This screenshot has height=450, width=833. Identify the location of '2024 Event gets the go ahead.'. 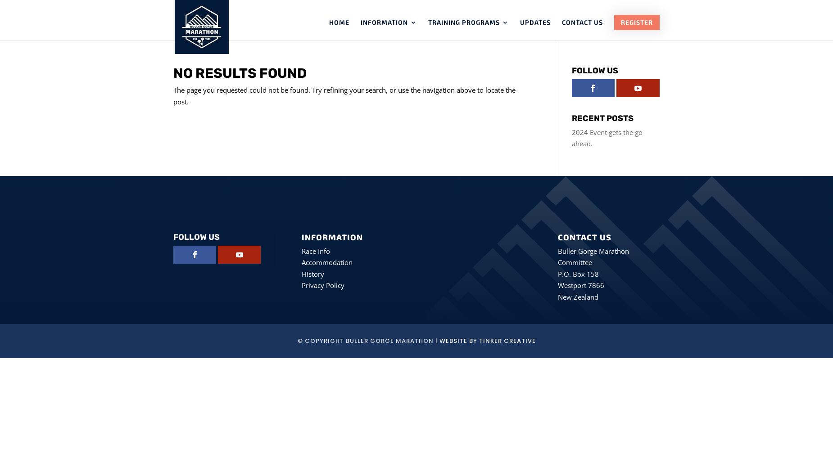
(606, 138).